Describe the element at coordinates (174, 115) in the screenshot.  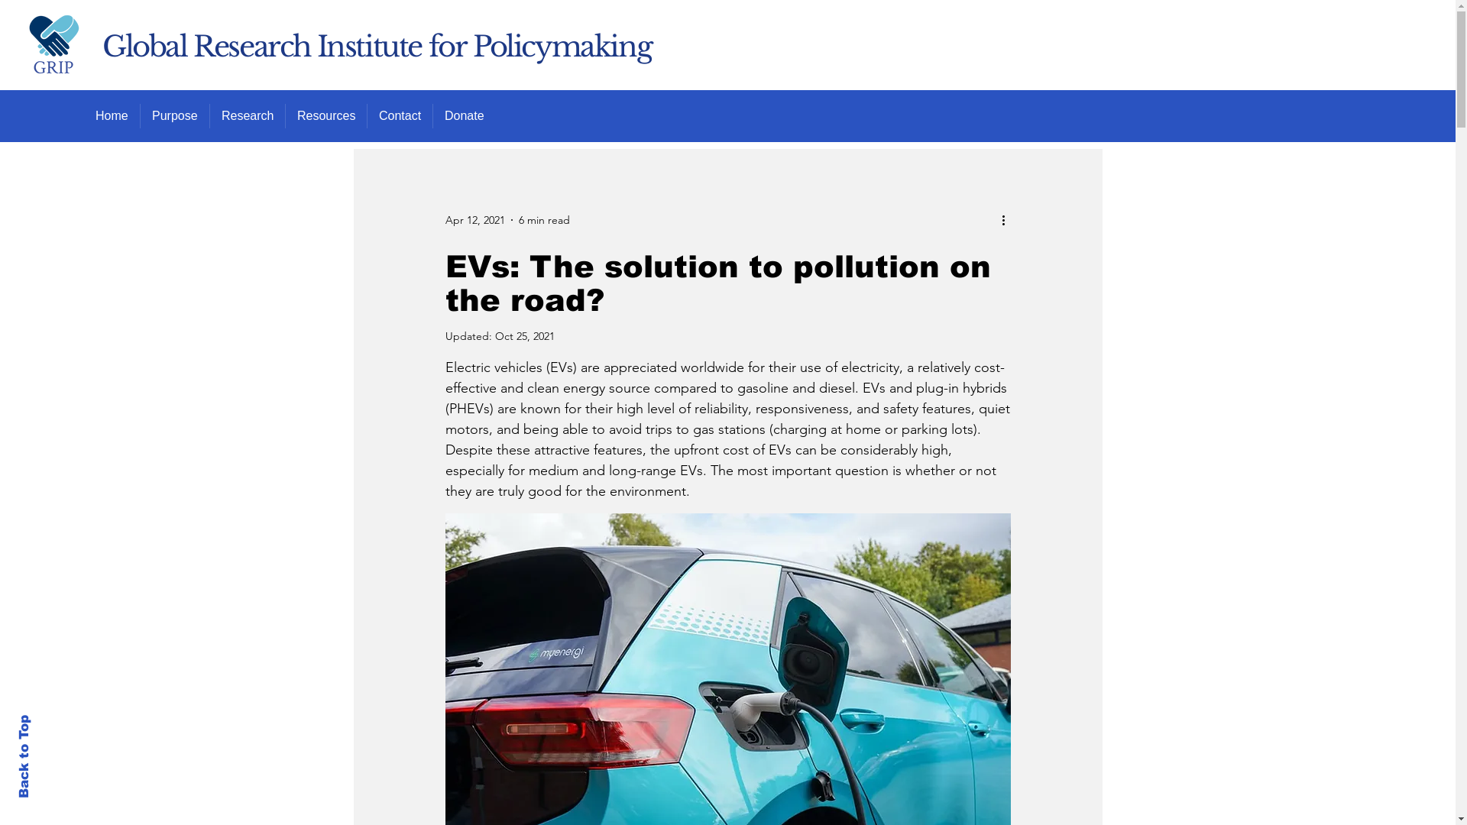
I see `'Purpose'` at that location.